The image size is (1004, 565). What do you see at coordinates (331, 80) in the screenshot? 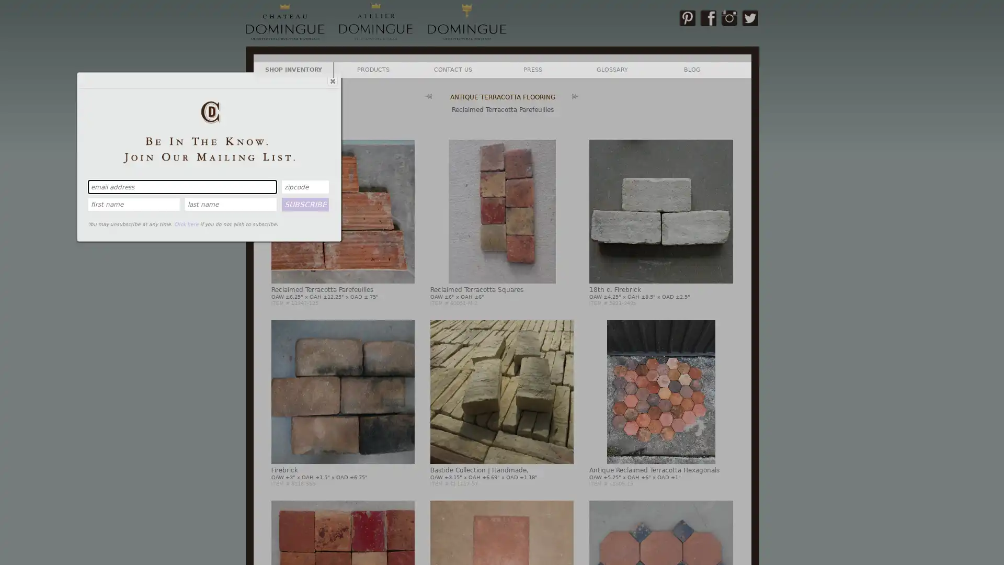
I see `Close` at bounding box center [331, 80].